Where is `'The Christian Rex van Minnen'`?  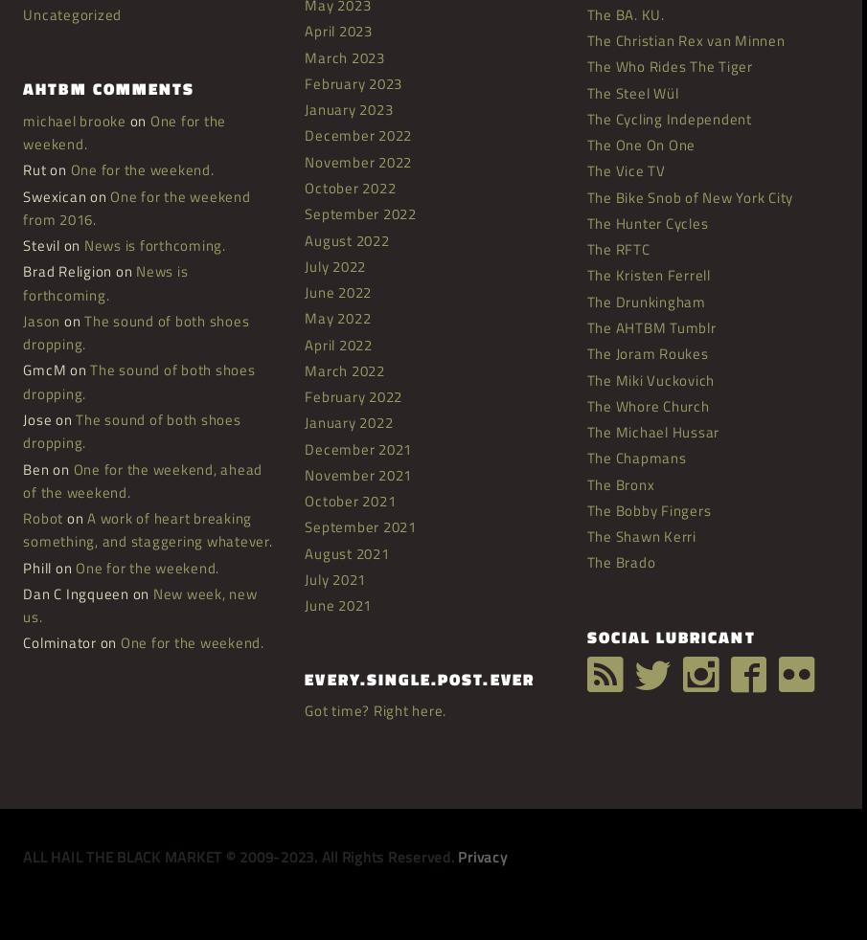 'The Christian Rex van Minnen' is located at coordinates (684, 39).